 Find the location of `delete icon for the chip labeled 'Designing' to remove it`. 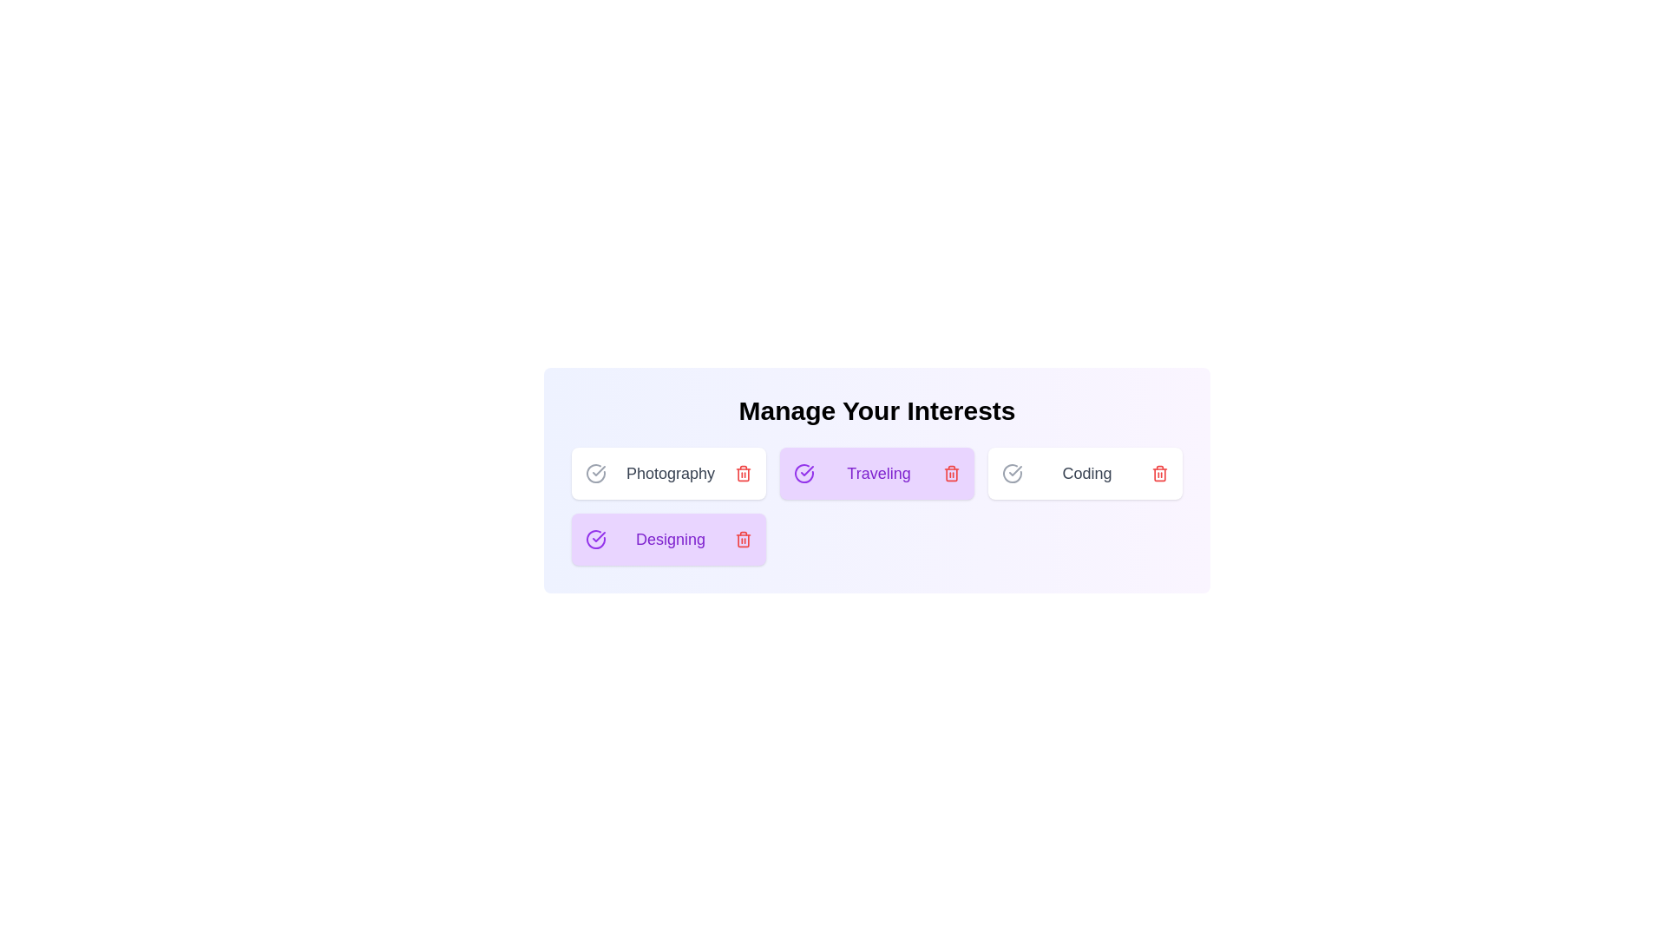

delete icon for the chip labeled 'Designing' to remove it is located at coordinates (744, 538).